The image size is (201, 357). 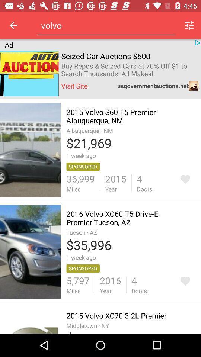 I want to click on the icon to the right of the volvo item, so click(x=189, y=25).